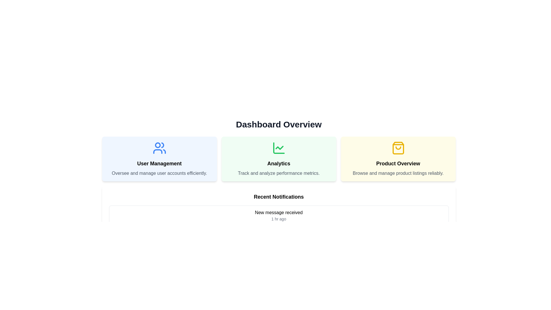 This screenshot has width=551, height=310. Describe the element at coordinates (279, 124) in the screenshot. I see `text from the centered header labeled 'Dashboard Overview', which is prominently displayed in large, bold, dark gray serif font at the top of the dashboard section` at that location.